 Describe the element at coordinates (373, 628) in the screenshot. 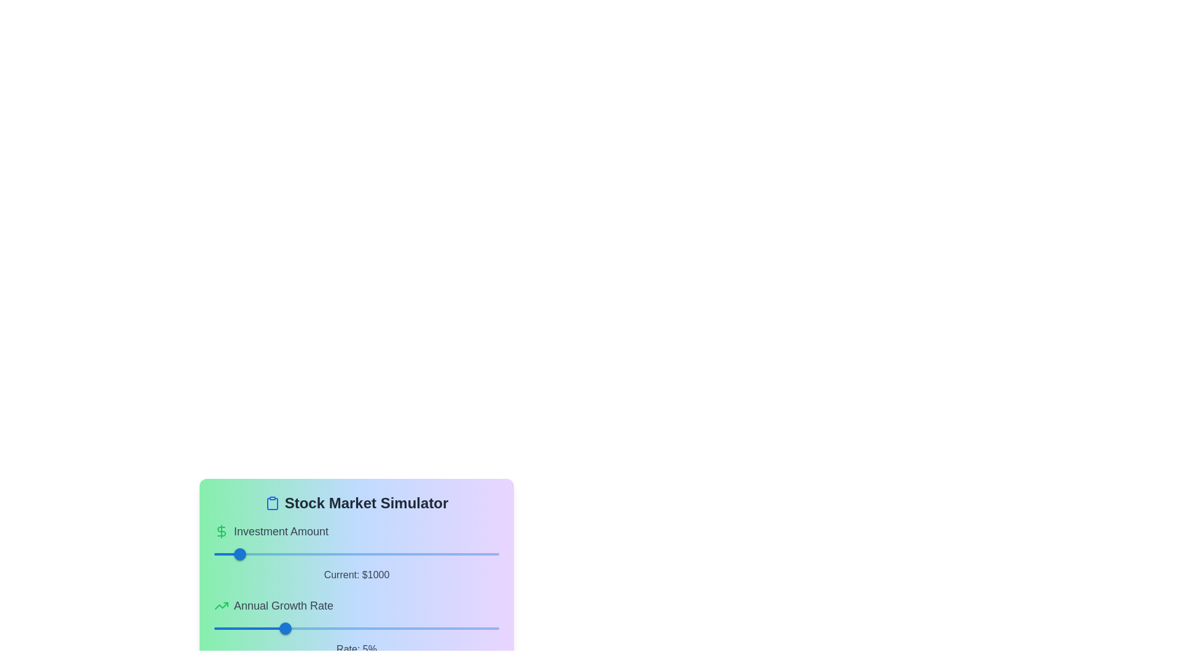

I see `the annual growth rate` at that location.